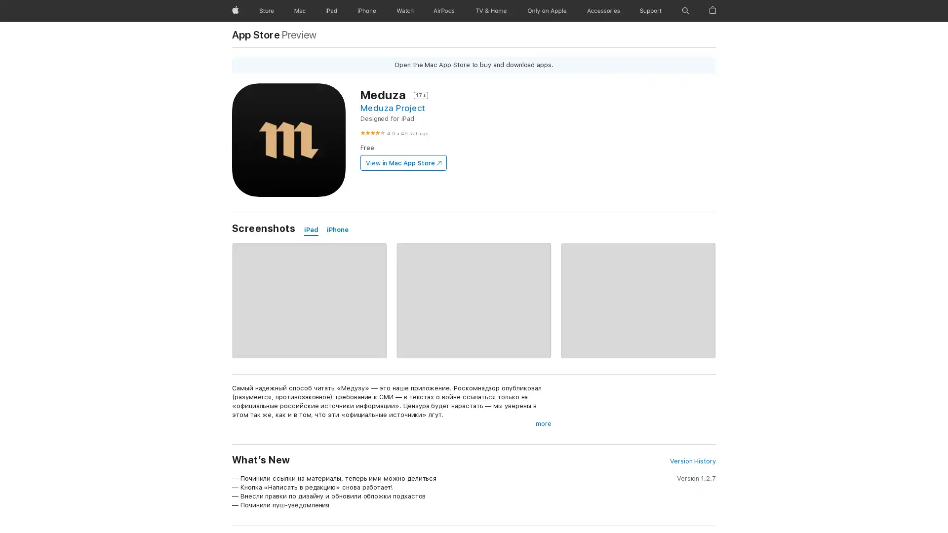 This screenshot has height=533, width=948. I want to click on more, so click(543, 423).